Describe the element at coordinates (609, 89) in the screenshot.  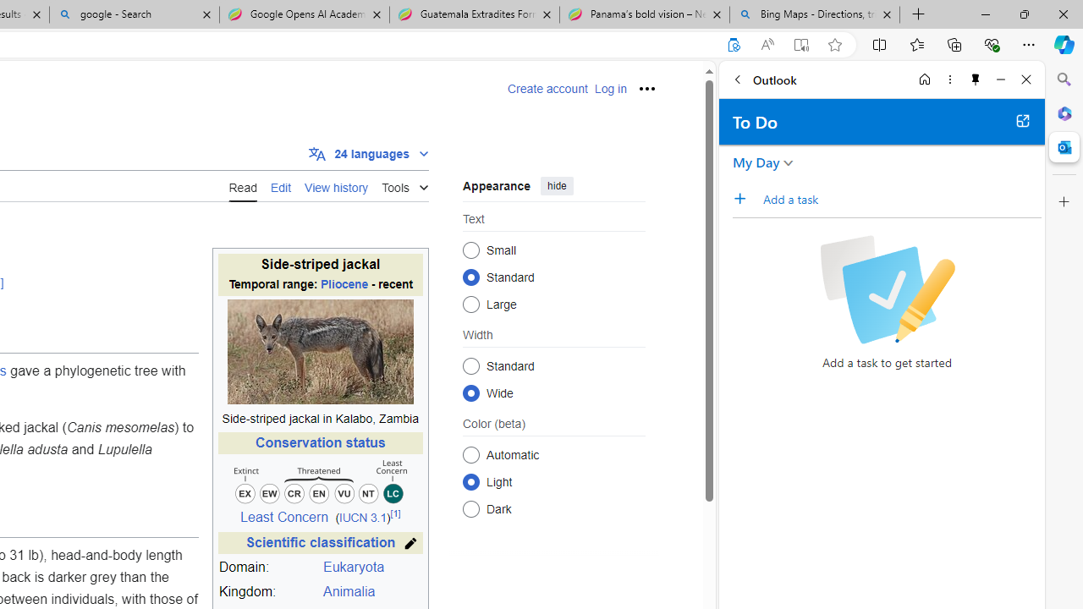
I see `'Log in'` at that location.